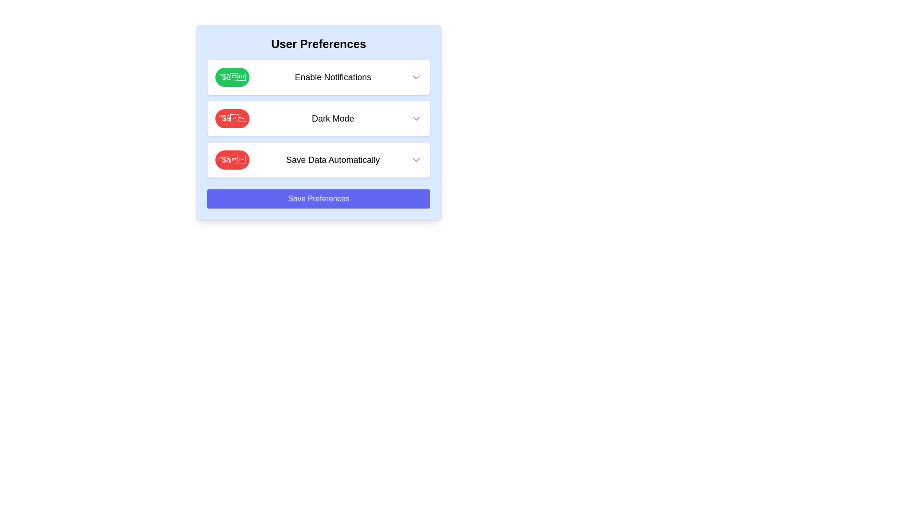  Describe the element at coordinates (318, 198) in the screenshot. I see `the 'Save Preferences' button` at that location.